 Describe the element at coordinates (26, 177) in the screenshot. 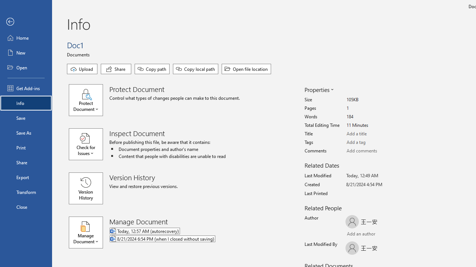

I see `'Export'` at that location.